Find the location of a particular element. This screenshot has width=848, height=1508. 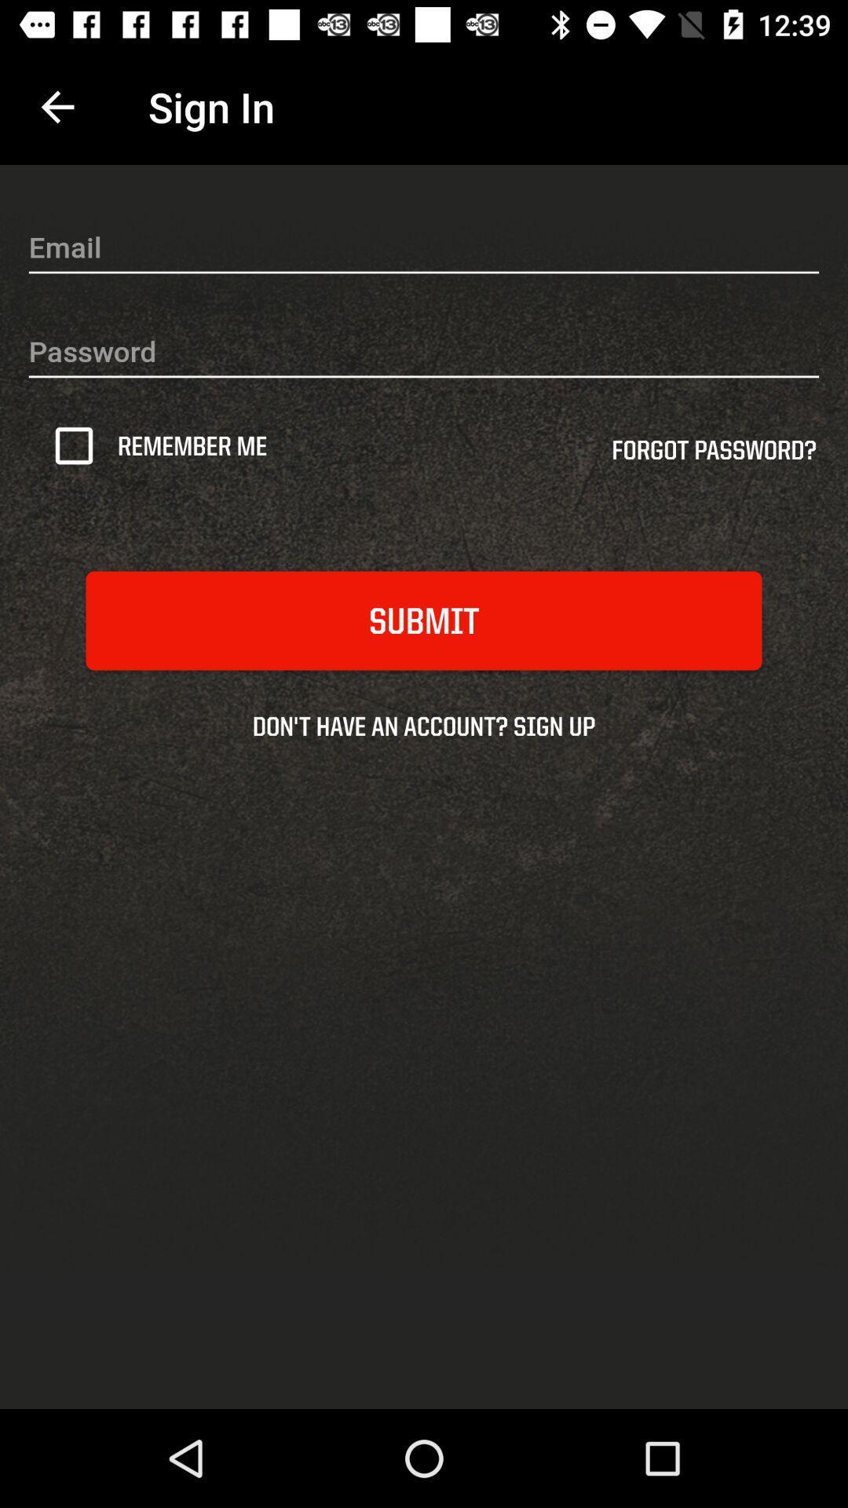

icon above the submit is located at coordinates (714, 455).